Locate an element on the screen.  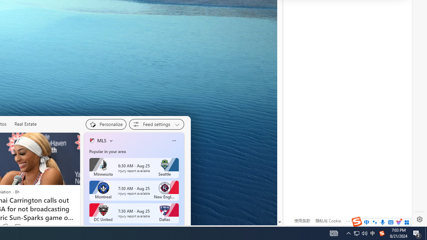
'Feed settings' is located at coordinates (156, 124).